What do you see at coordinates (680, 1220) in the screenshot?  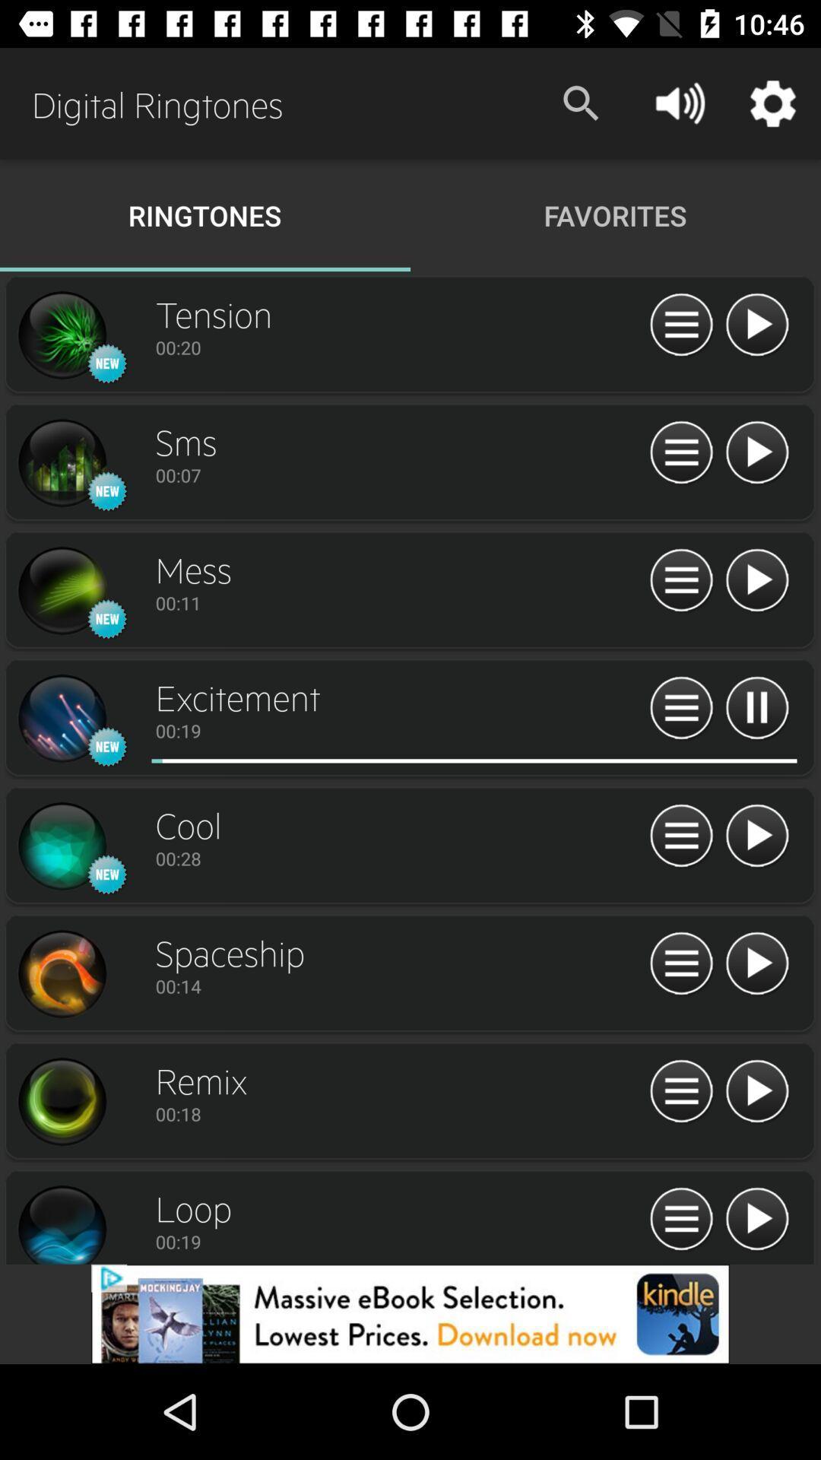 I see `see the menu` at bounding box center [680, 1220].